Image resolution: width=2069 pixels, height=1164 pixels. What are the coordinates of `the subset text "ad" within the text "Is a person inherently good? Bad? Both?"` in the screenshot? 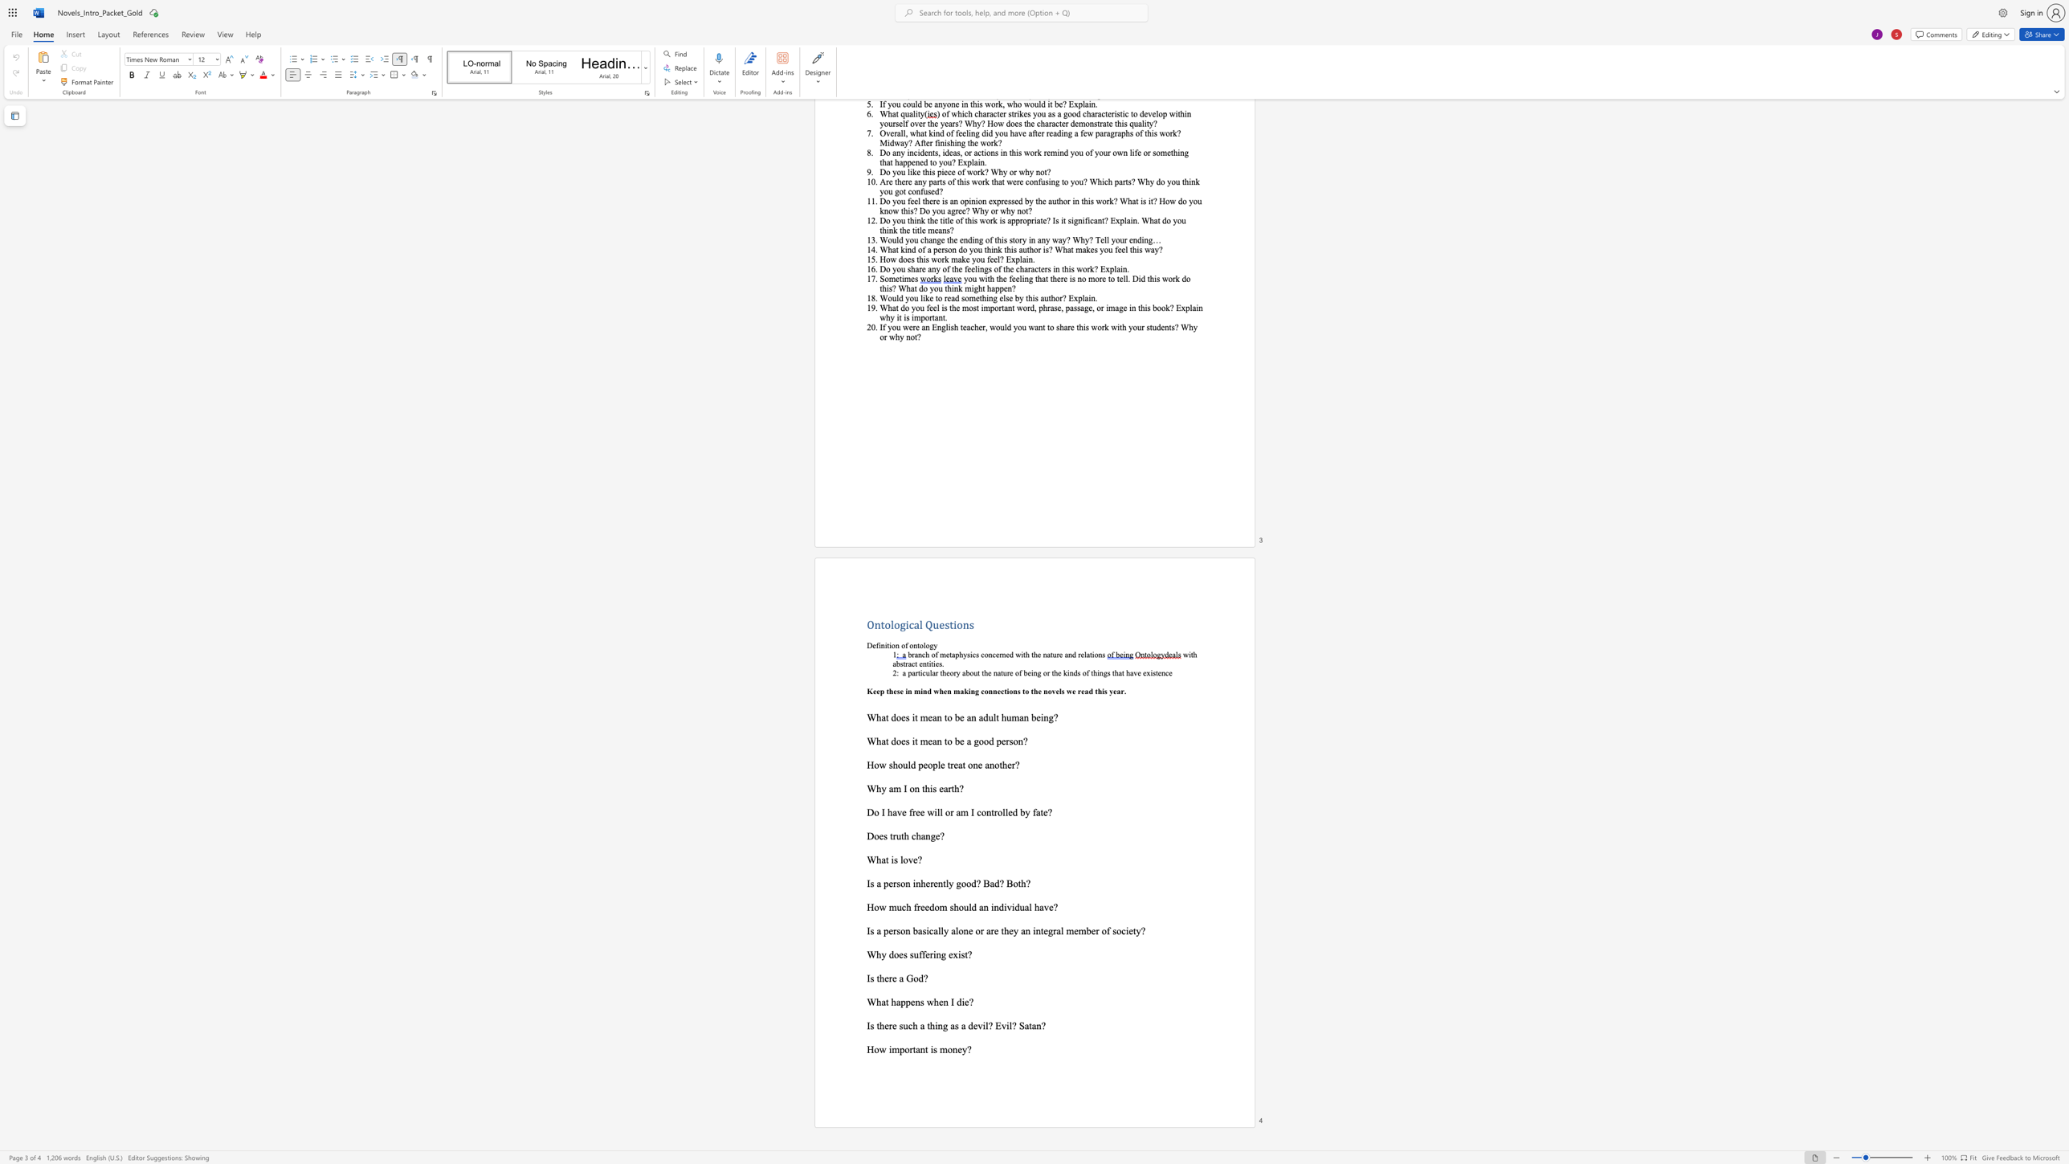 It's located at (990, 883).